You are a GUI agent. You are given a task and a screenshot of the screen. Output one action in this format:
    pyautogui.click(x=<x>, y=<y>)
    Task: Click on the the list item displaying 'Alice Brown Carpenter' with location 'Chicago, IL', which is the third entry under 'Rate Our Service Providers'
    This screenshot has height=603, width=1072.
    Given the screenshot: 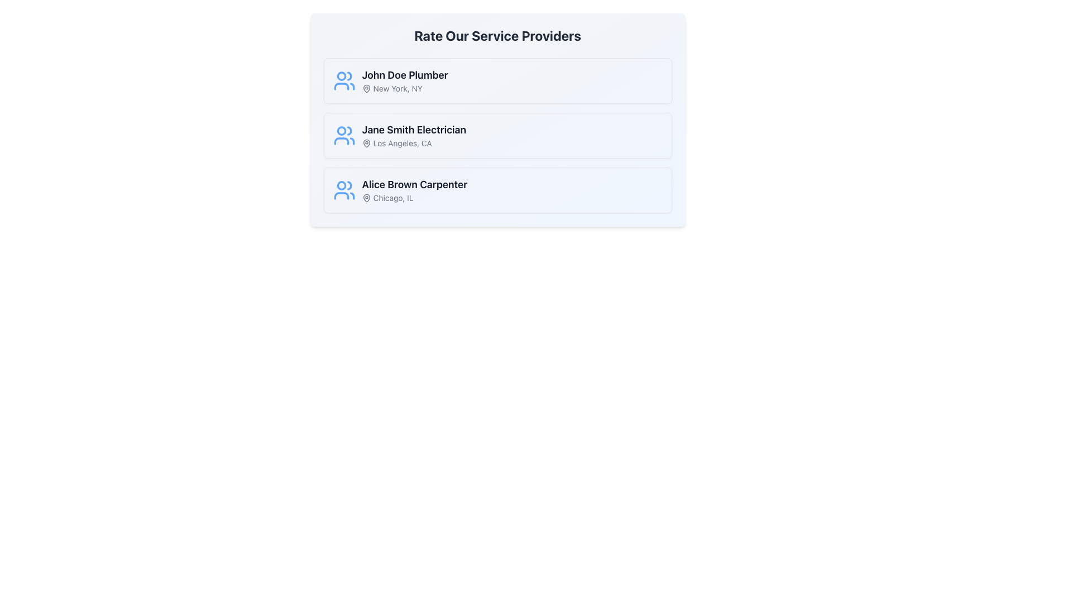 What is the action you would take?
    pyautogui.click(x=414, y=189)
    